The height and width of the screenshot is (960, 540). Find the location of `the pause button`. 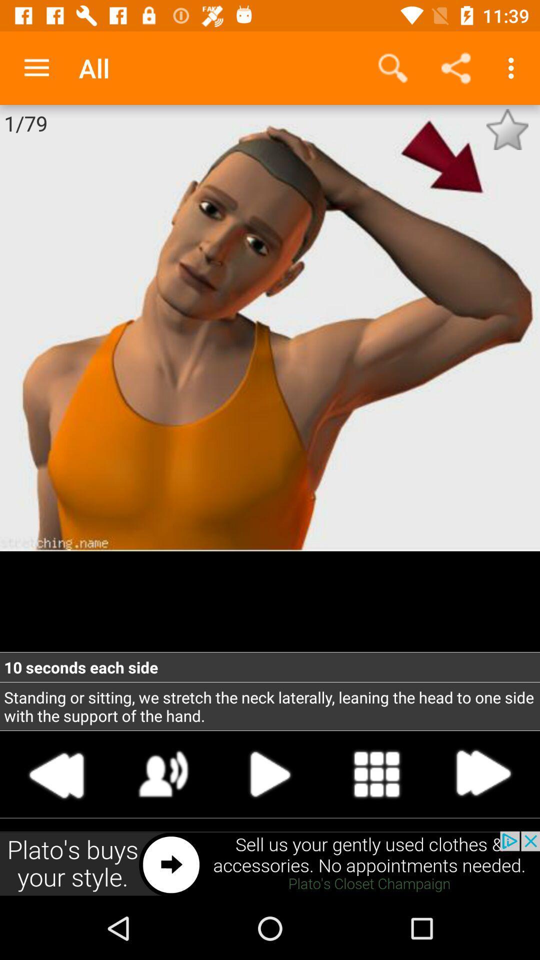

the pause button is located at coordinates (270, 774).